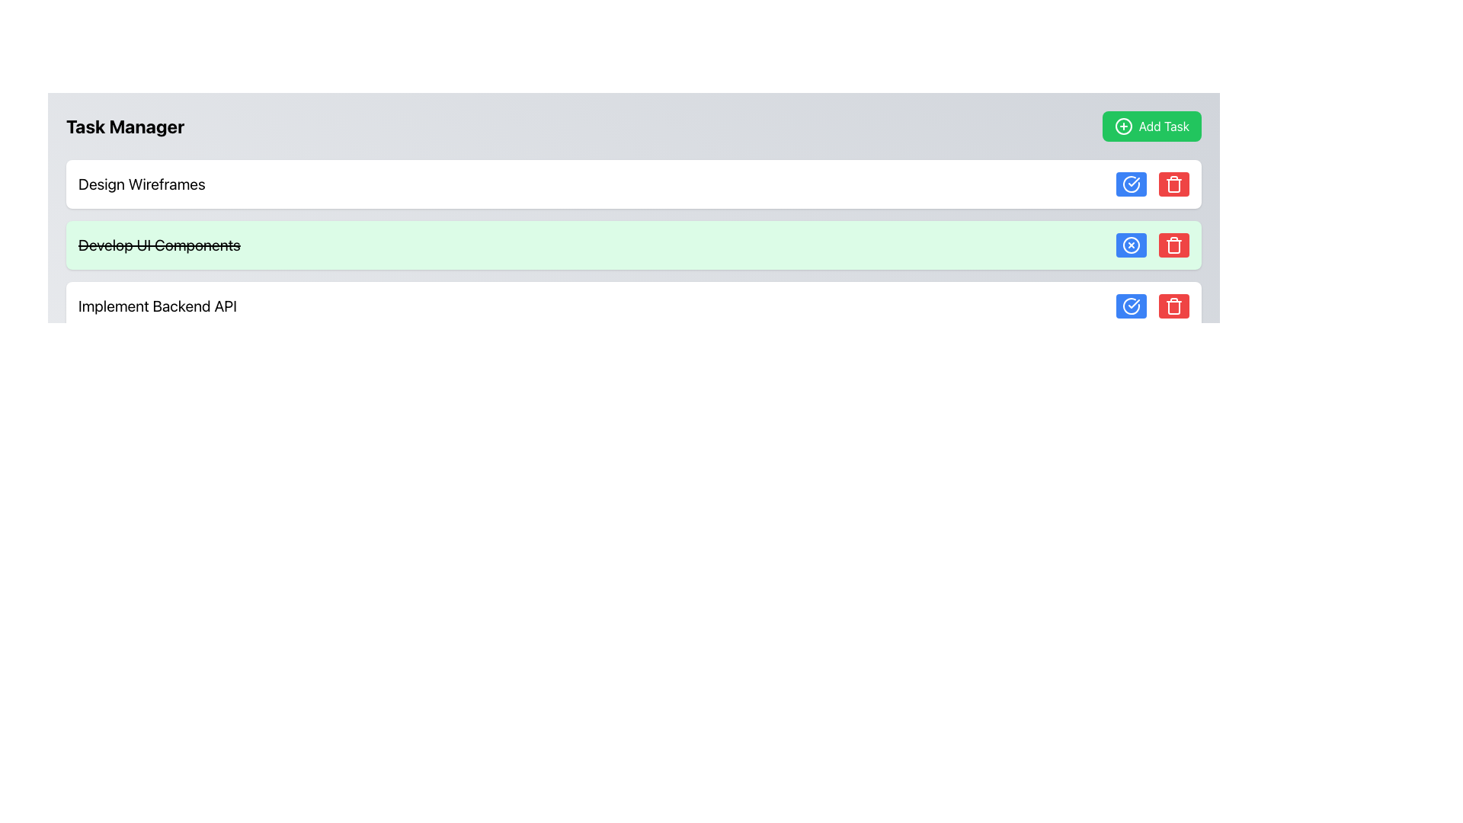 The image size is (1463, 823). I want to click on the text label displaying 'Develop UI Components' with a strikethrough, located in the second row of the 'Task Manager' list, on the left side before the interactive icons, so click(159, 244).